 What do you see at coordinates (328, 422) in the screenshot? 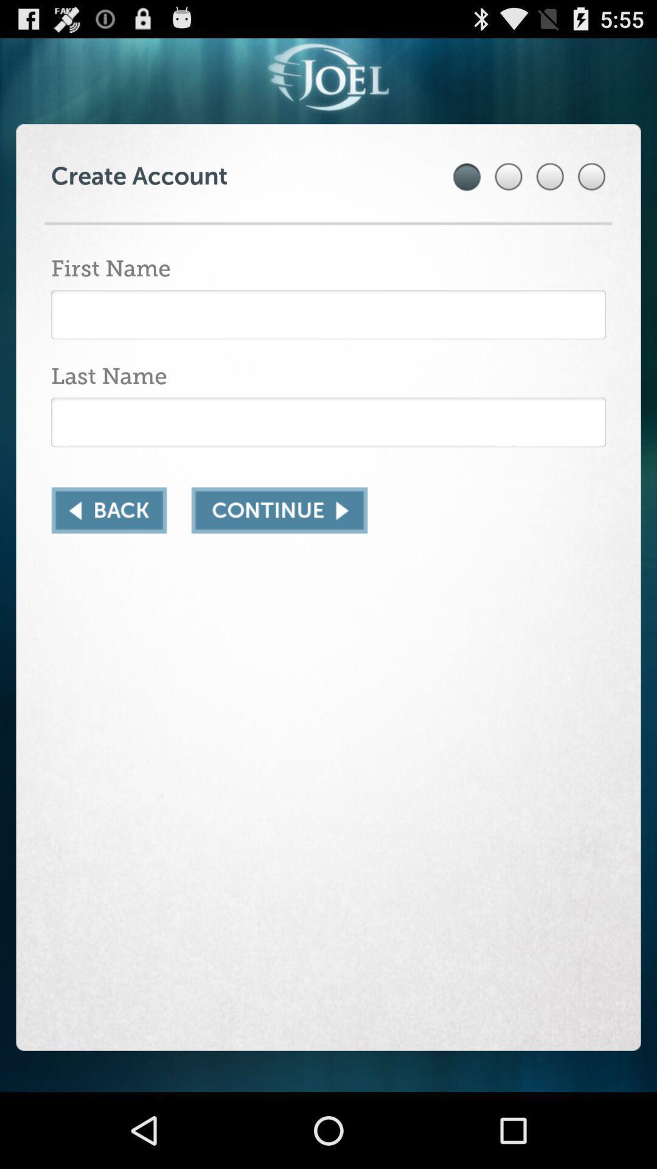
I see `last name` at bounding box center [328, 422].